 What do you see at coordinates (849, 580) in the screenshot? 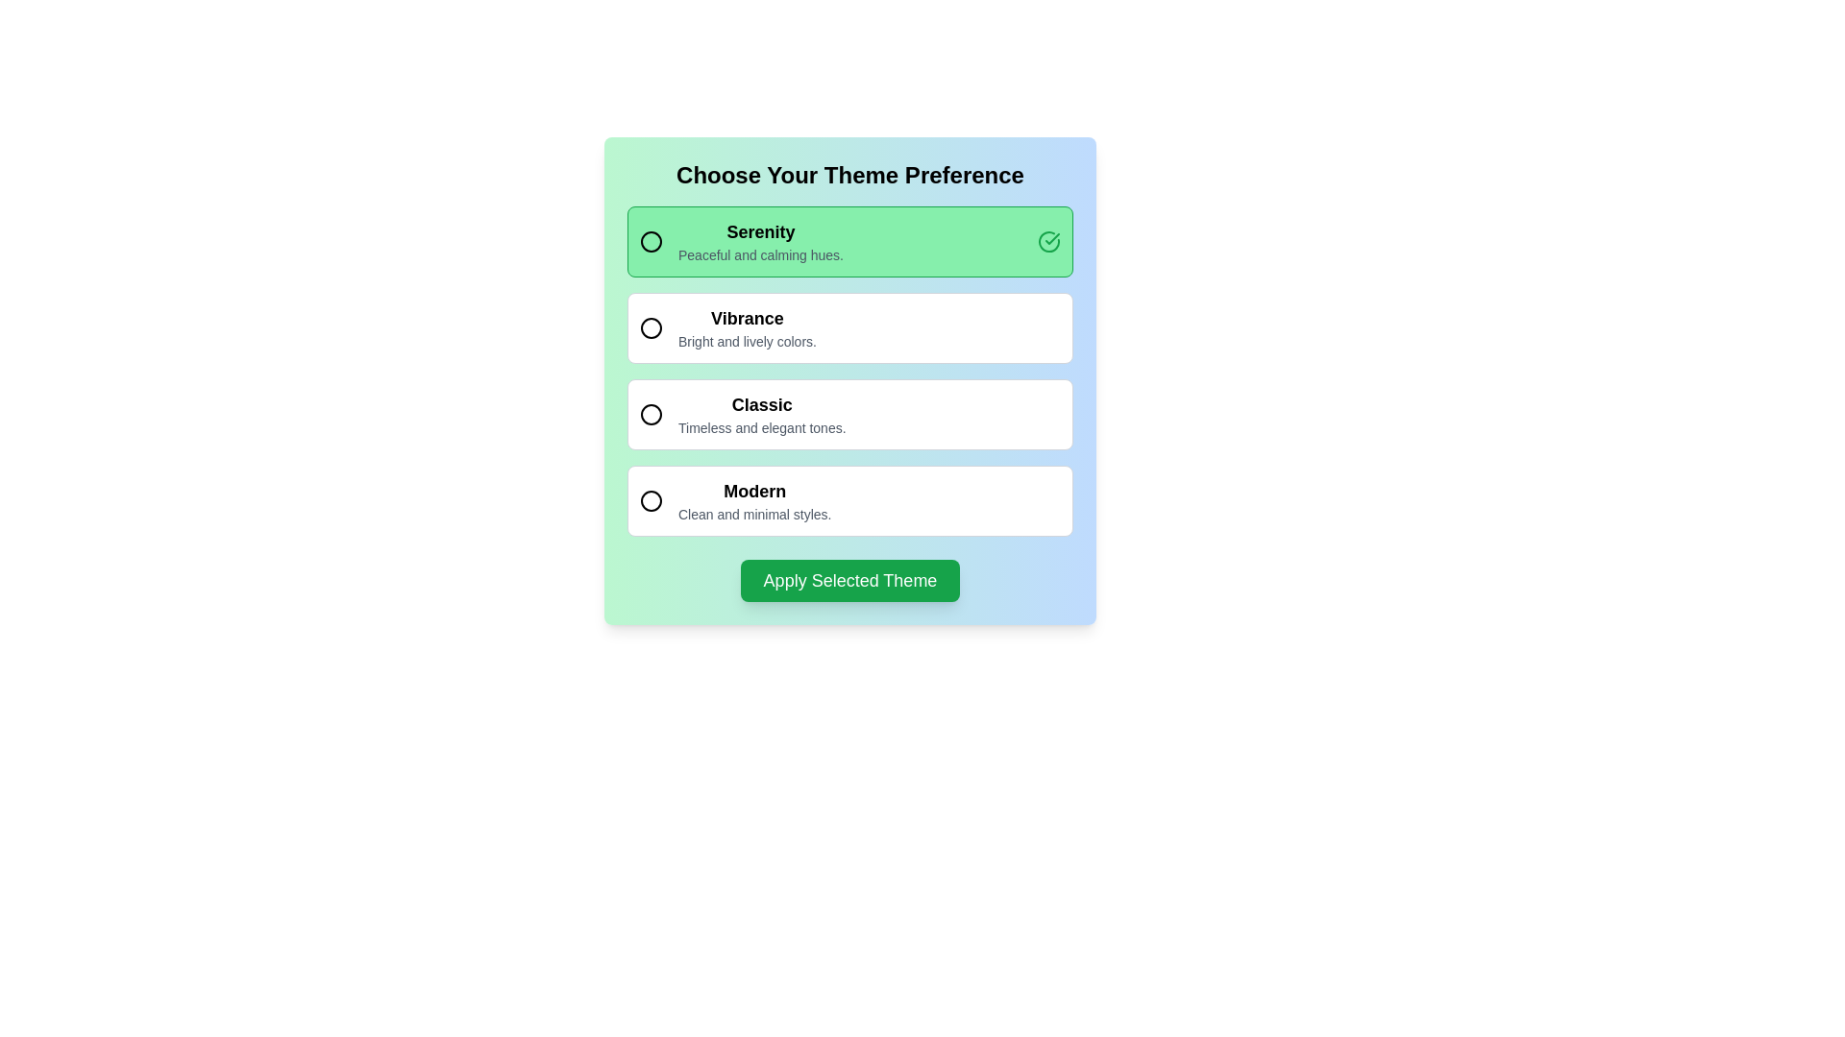
I see `the green button labeled 'Apply Selected Theme' located at the center-bottom of the theme selection card to apply the selected theme` at bounding box center [849, 580].